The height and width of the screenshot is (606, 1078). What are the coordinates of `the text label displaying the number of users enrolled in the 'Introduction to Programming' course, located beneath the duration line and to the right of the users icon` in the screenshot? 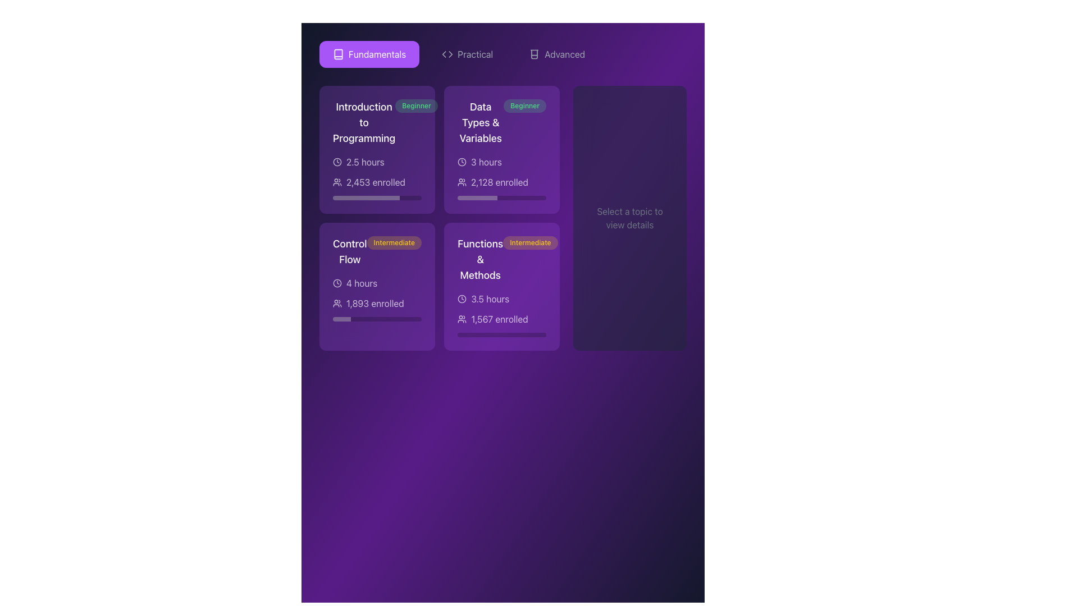 It's located at (376, 181).